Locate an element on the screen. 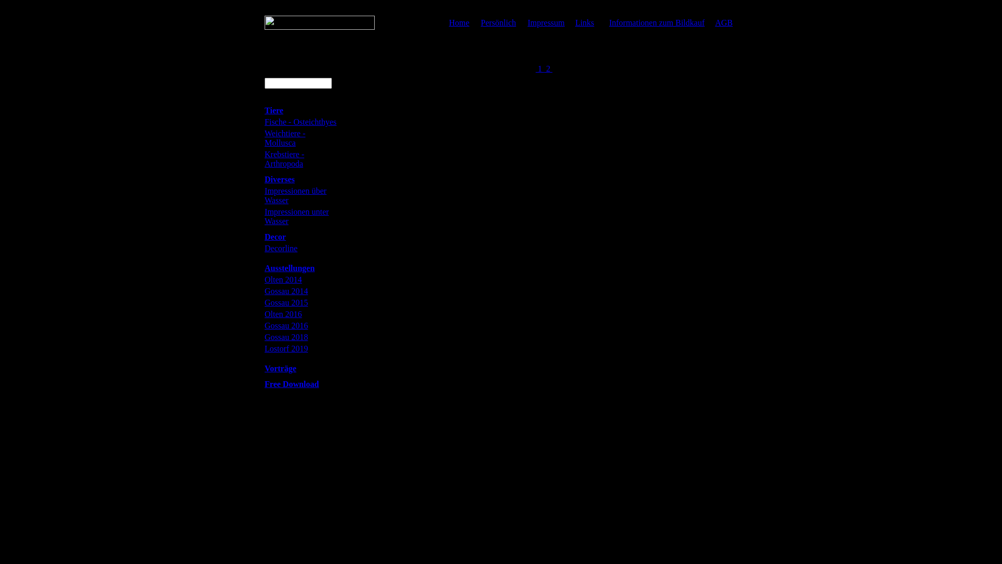 The image size is (1002, 564). 'Decorline' is located at coordinates (265, 248).